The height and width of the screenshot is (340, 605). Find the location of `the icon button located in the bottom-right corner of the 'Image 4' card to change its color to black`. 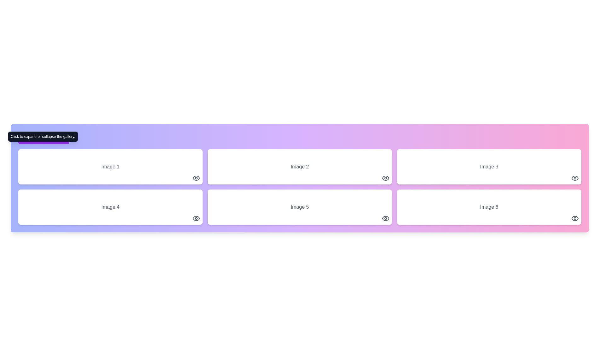

the icon button located in the bottom-right corner of the 'Image 4' card to change its color to black is located at coordinates (196, 218).